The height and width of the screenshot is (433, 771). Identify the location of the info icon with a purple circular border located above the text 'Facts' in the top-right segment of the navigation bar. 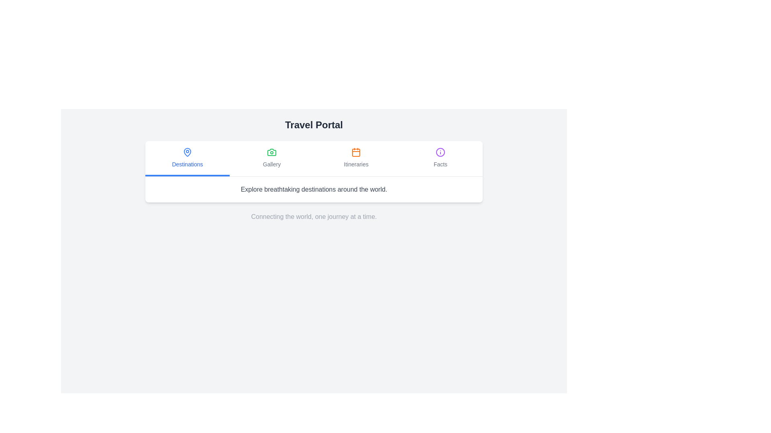
(440, 152).